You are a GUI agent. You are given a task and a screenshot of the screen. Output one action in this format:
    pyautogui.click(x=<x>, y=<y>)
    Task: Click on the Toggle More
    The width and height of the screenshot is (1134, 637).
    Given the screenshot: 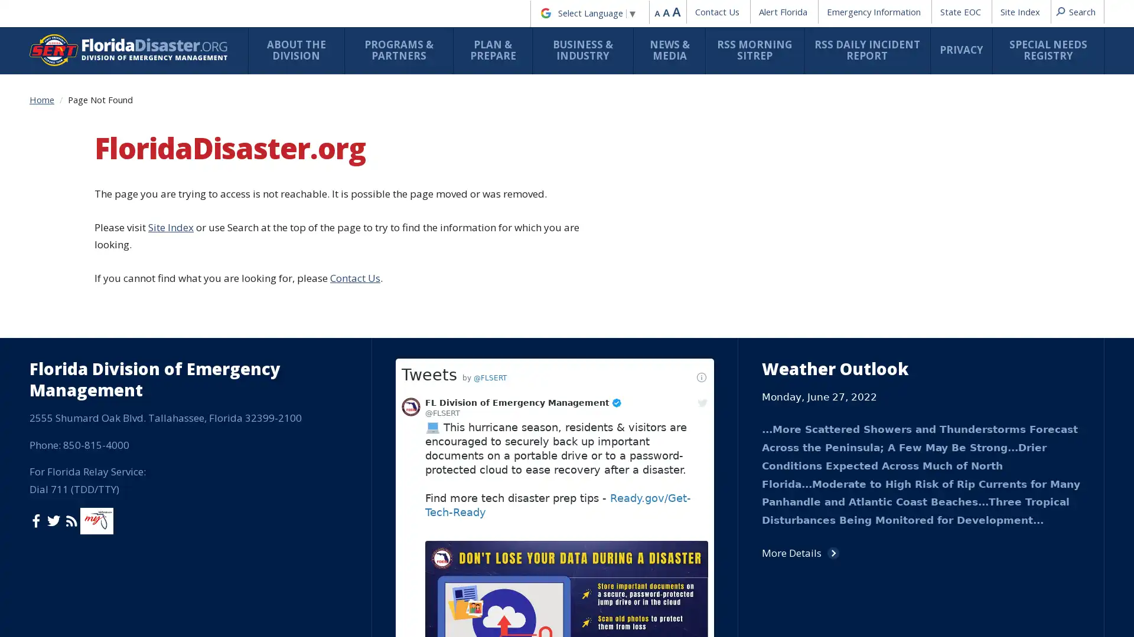 What is the action you would take?
    pyautogui.click(x=473, y=303)
    